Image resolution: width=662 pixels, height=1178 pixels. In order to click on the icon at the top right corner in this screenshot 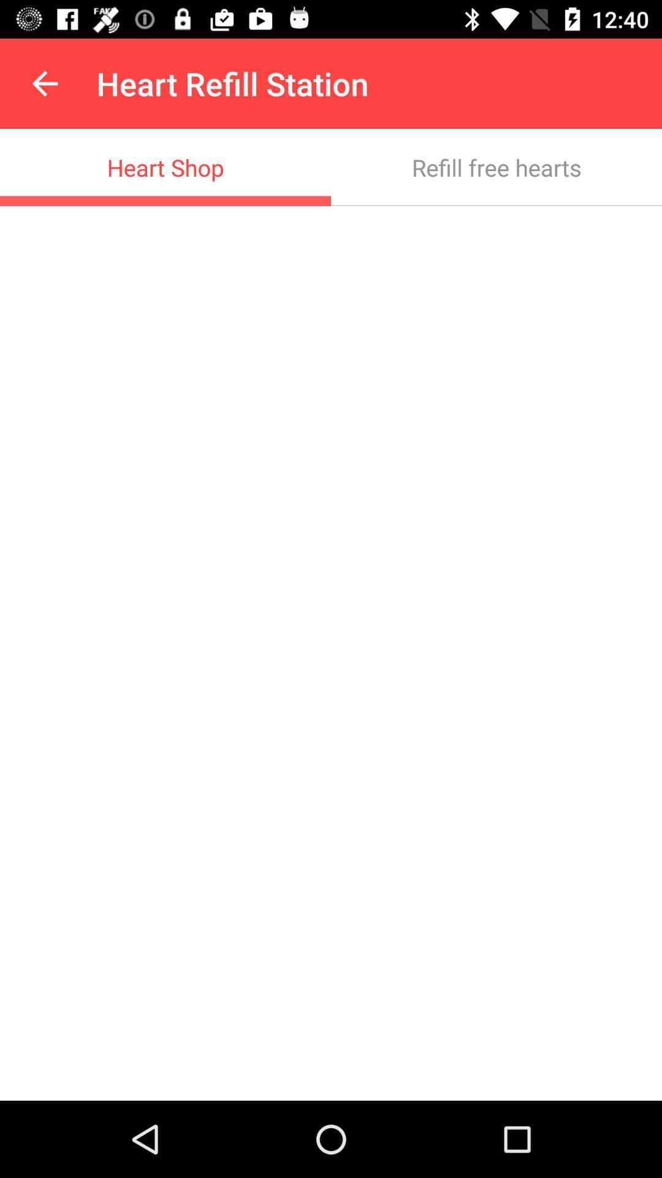, I will do `click(496, 167)`.